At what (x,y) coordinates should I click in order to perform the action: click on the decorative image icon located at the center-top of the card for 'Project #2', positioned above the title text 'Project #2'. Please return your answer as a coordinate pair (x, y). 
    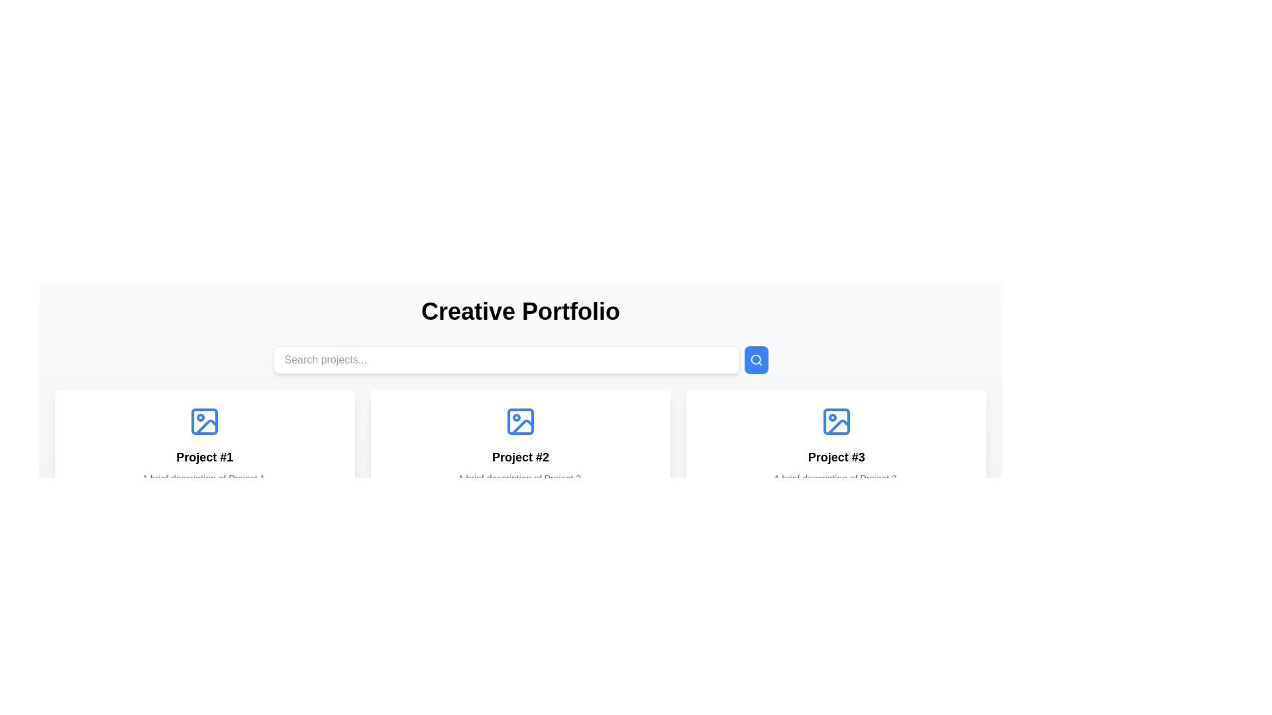
    Looking at the image, I should click on (520, 421).